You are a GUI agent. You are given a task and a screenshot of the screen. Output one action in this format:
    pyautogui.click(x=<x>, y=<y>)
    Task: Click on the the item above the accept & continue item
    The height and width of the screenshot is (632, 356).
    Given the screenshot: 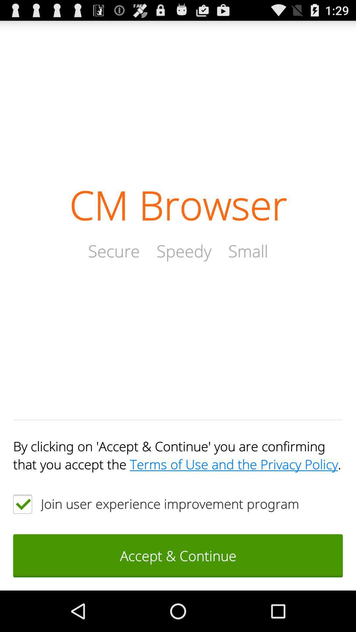 What is the action you would take?
    pyautogui.click(x=22, y=504)
    